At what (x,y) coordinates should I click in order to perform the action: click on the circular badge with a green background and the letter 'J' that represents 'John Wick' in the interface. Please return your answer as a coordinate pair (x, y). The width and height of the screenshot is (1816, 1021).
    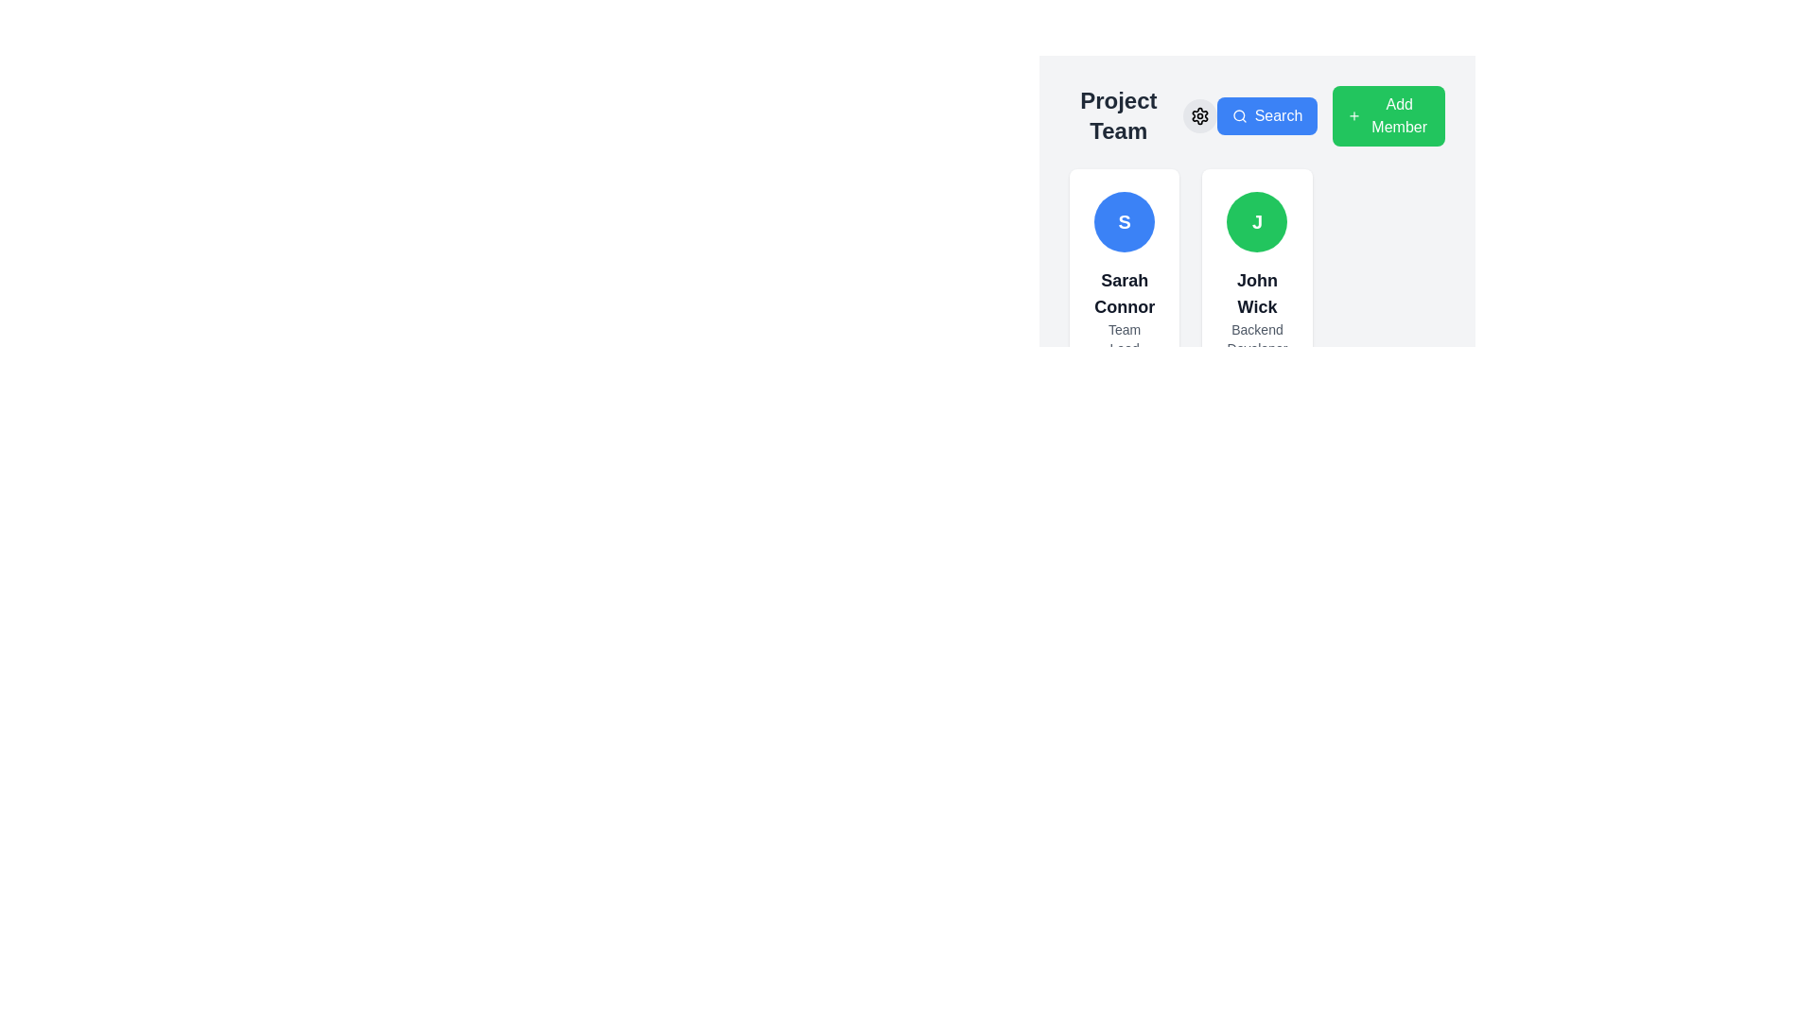
    Looking at the image, I should click on (1257, 221).